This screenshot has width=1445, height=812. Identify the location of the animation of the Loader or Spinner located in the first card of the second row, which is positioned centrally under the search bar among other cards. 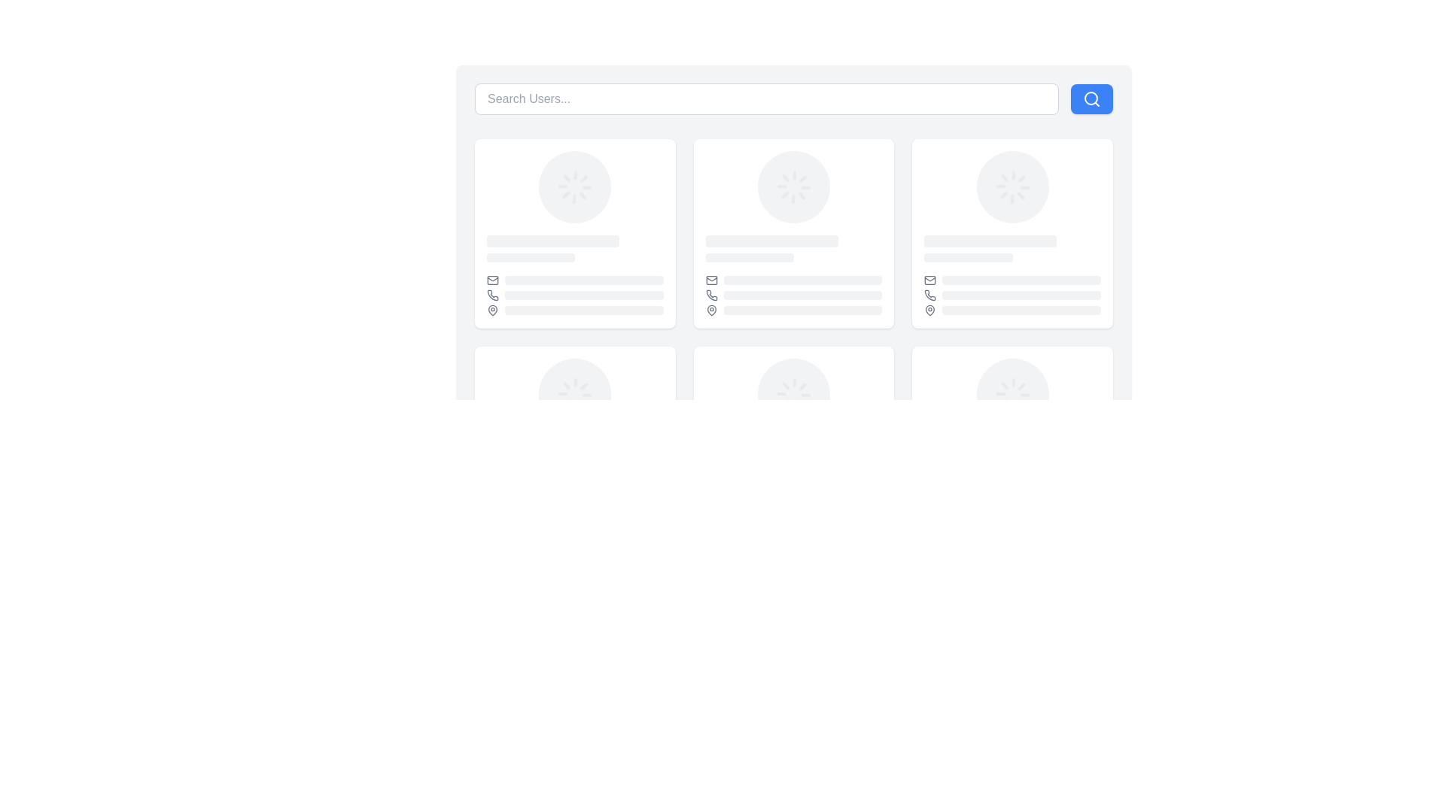
(793, 186).